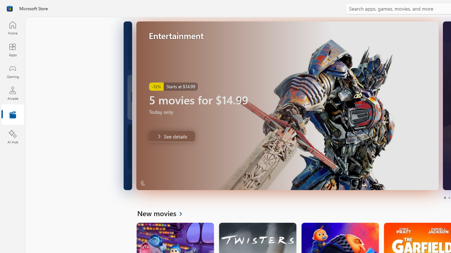 This screenshot has height=253, width=451. I want to click on 'Home', so click(12, 27).